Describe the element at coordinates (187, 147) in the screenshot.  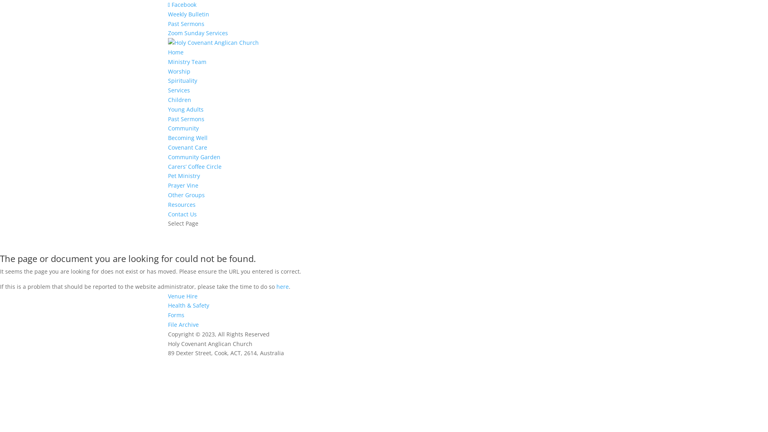
I see `'Covenant Care'` at that location.